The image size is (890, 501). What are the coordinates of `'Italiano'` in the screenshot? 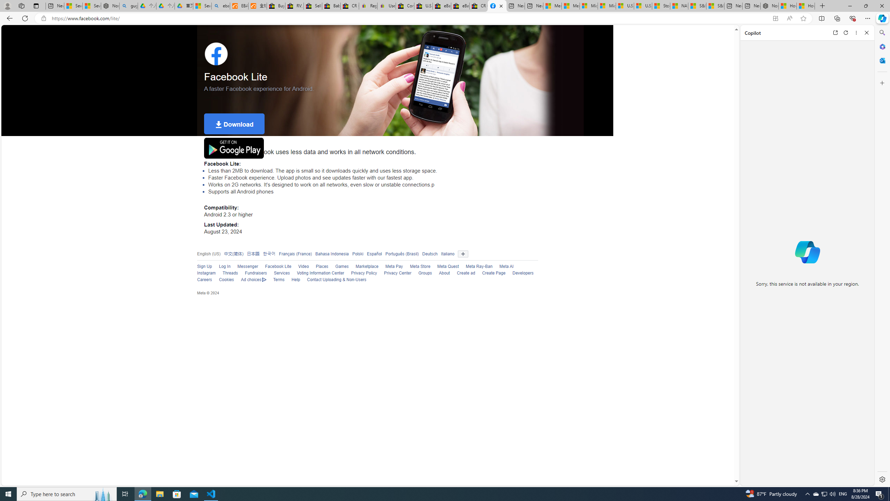 It's located at (445, 254).